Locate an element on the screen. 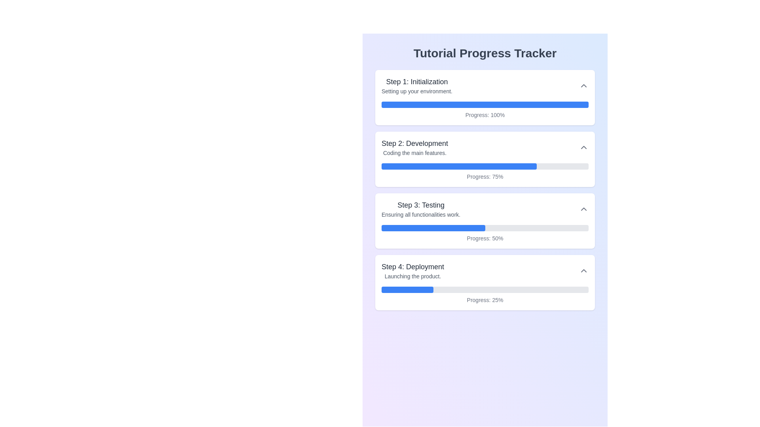  the text label displaying 'Progress: 50%' located below the progress bar in the 'Step 3: Testing' section is located at coordinates (484, 238).